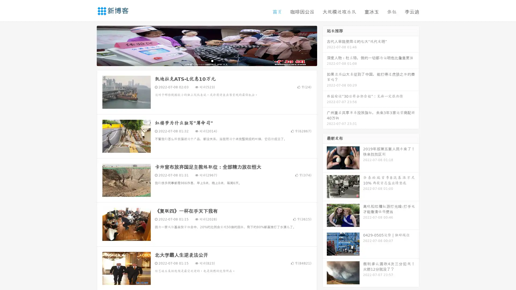 The height and width of the screenshot is (290, 516). What do you see at coordinates (201, 60) in the screenshot?
I see `Go to slide 1` at bounding box center [201, 60].